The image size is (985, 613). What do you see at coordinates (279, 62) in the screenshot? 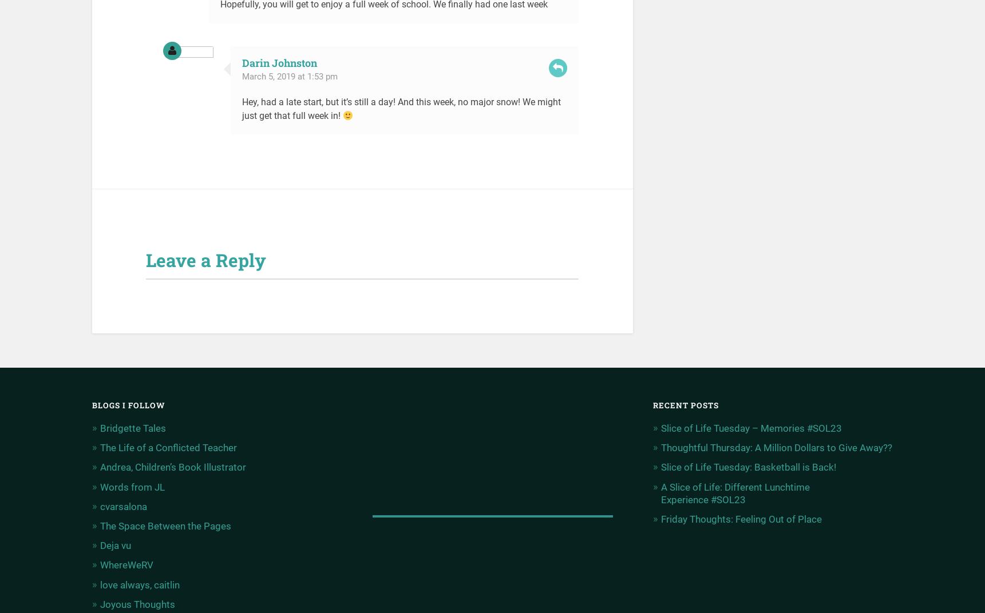
I see `'Darin Johnston'` at bounding box center [279, 62].